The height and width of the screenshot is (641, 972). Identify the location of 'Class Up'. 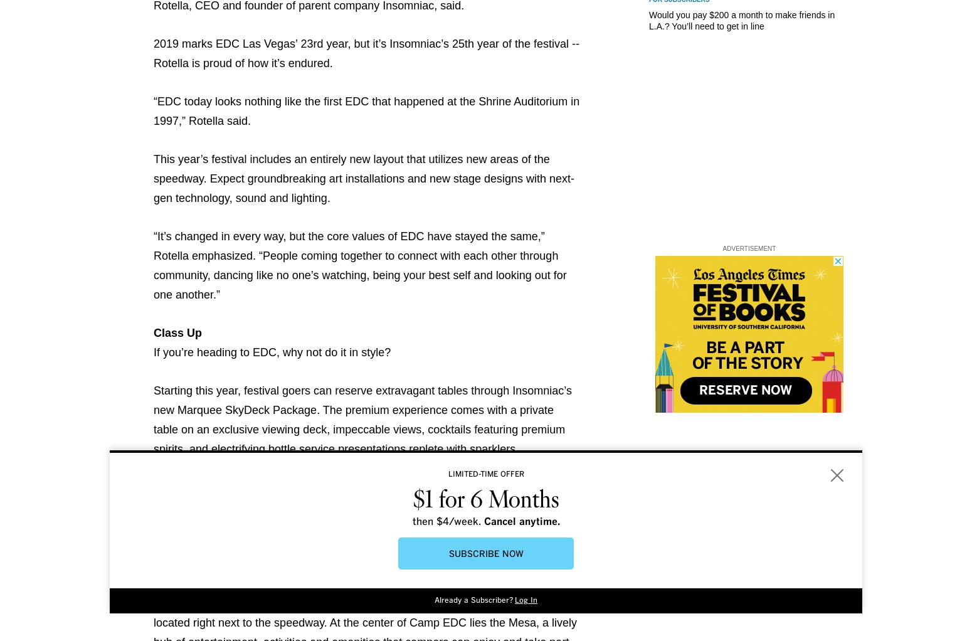
(177, 332).